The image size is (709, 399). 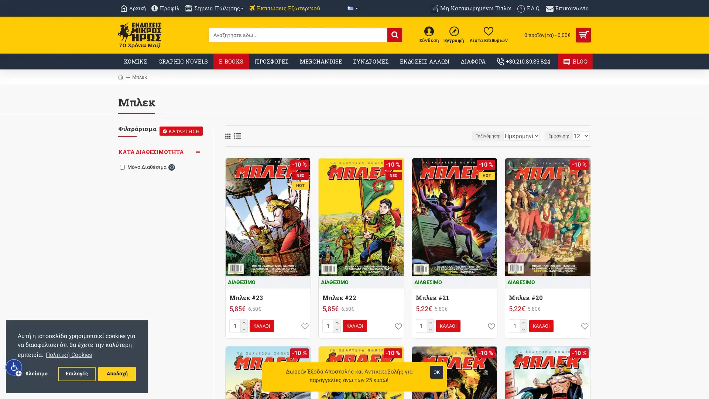 What do you see at coordinates (69, 354) in the screenshot?
I see `learn more about cookies` at bounding box center [69, 354].